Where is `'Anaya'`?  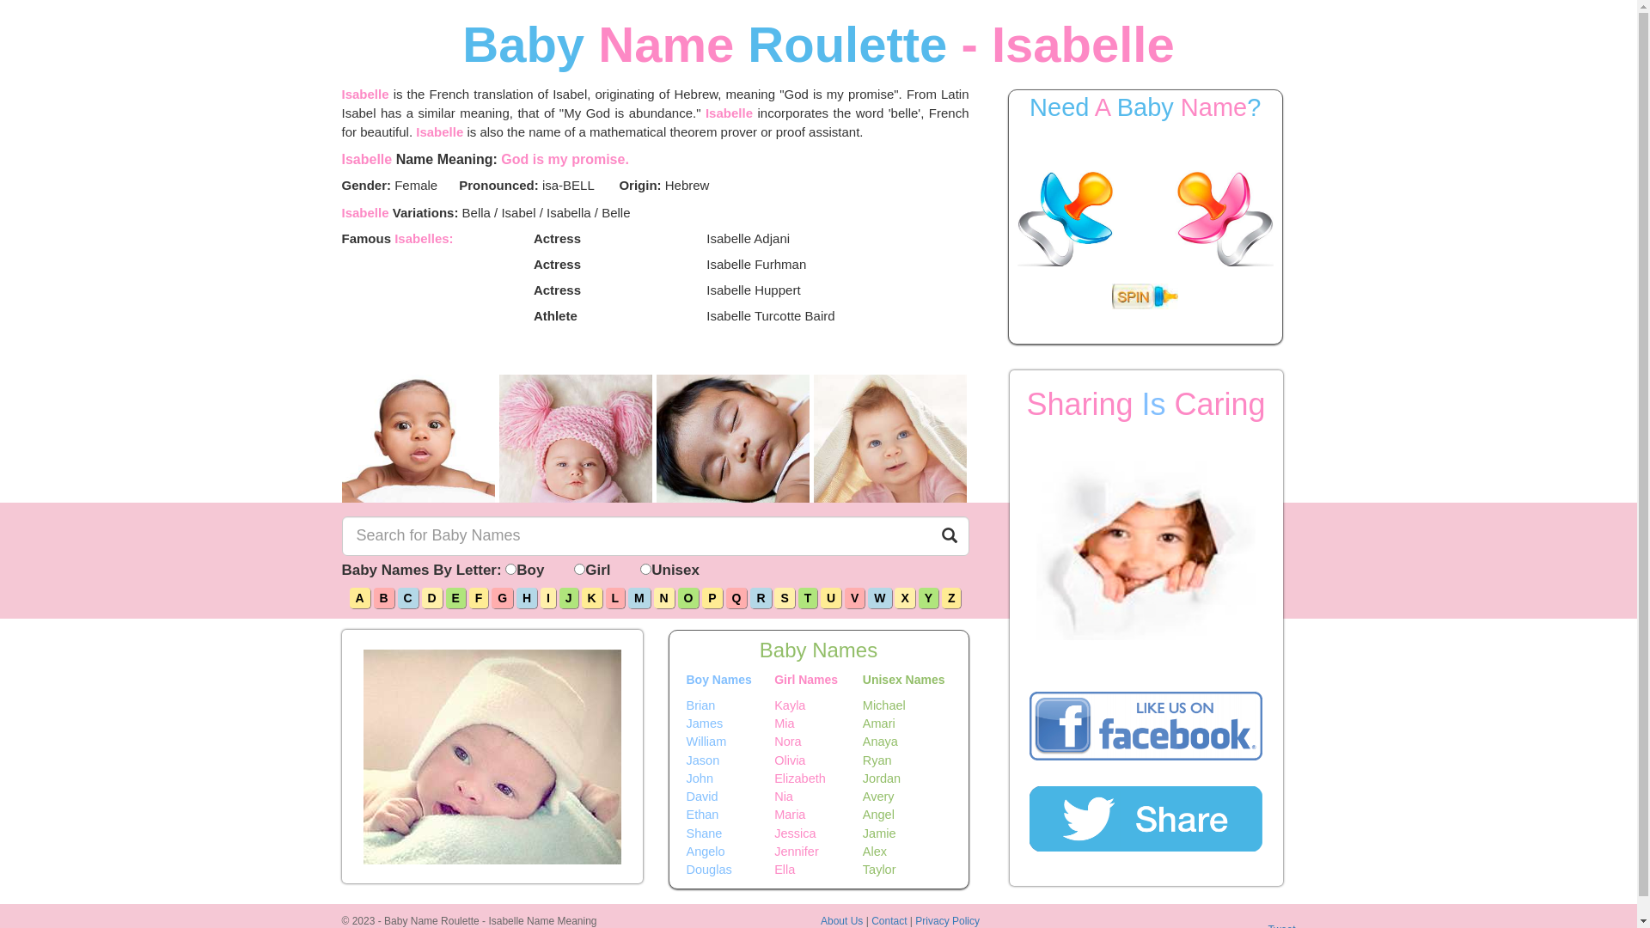 'Anaya' is located at coordinates (906, 741).